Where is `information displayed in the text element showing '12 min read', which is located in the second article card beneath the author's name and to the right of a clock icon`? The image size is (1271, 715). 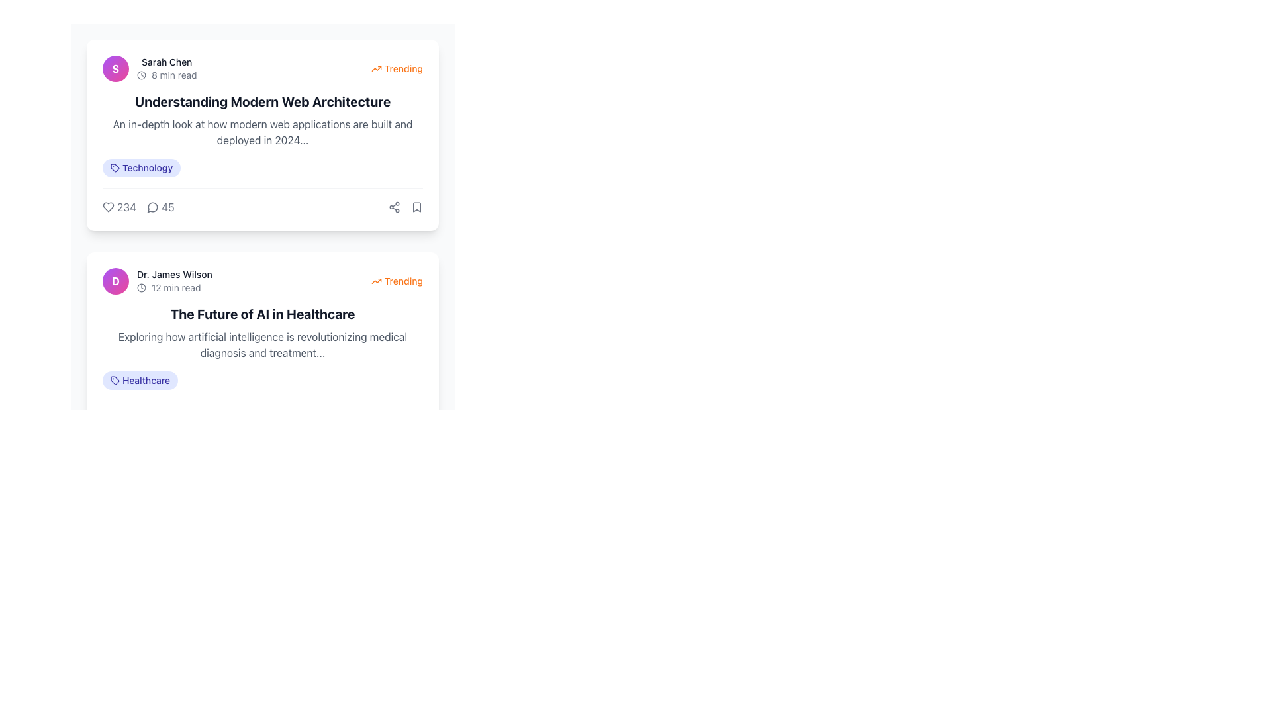 information displayed in the text element showing '12 min read', which is located in the second article card beneath the author's name and to the right of a clock icon is located at coordinates (175, 287).